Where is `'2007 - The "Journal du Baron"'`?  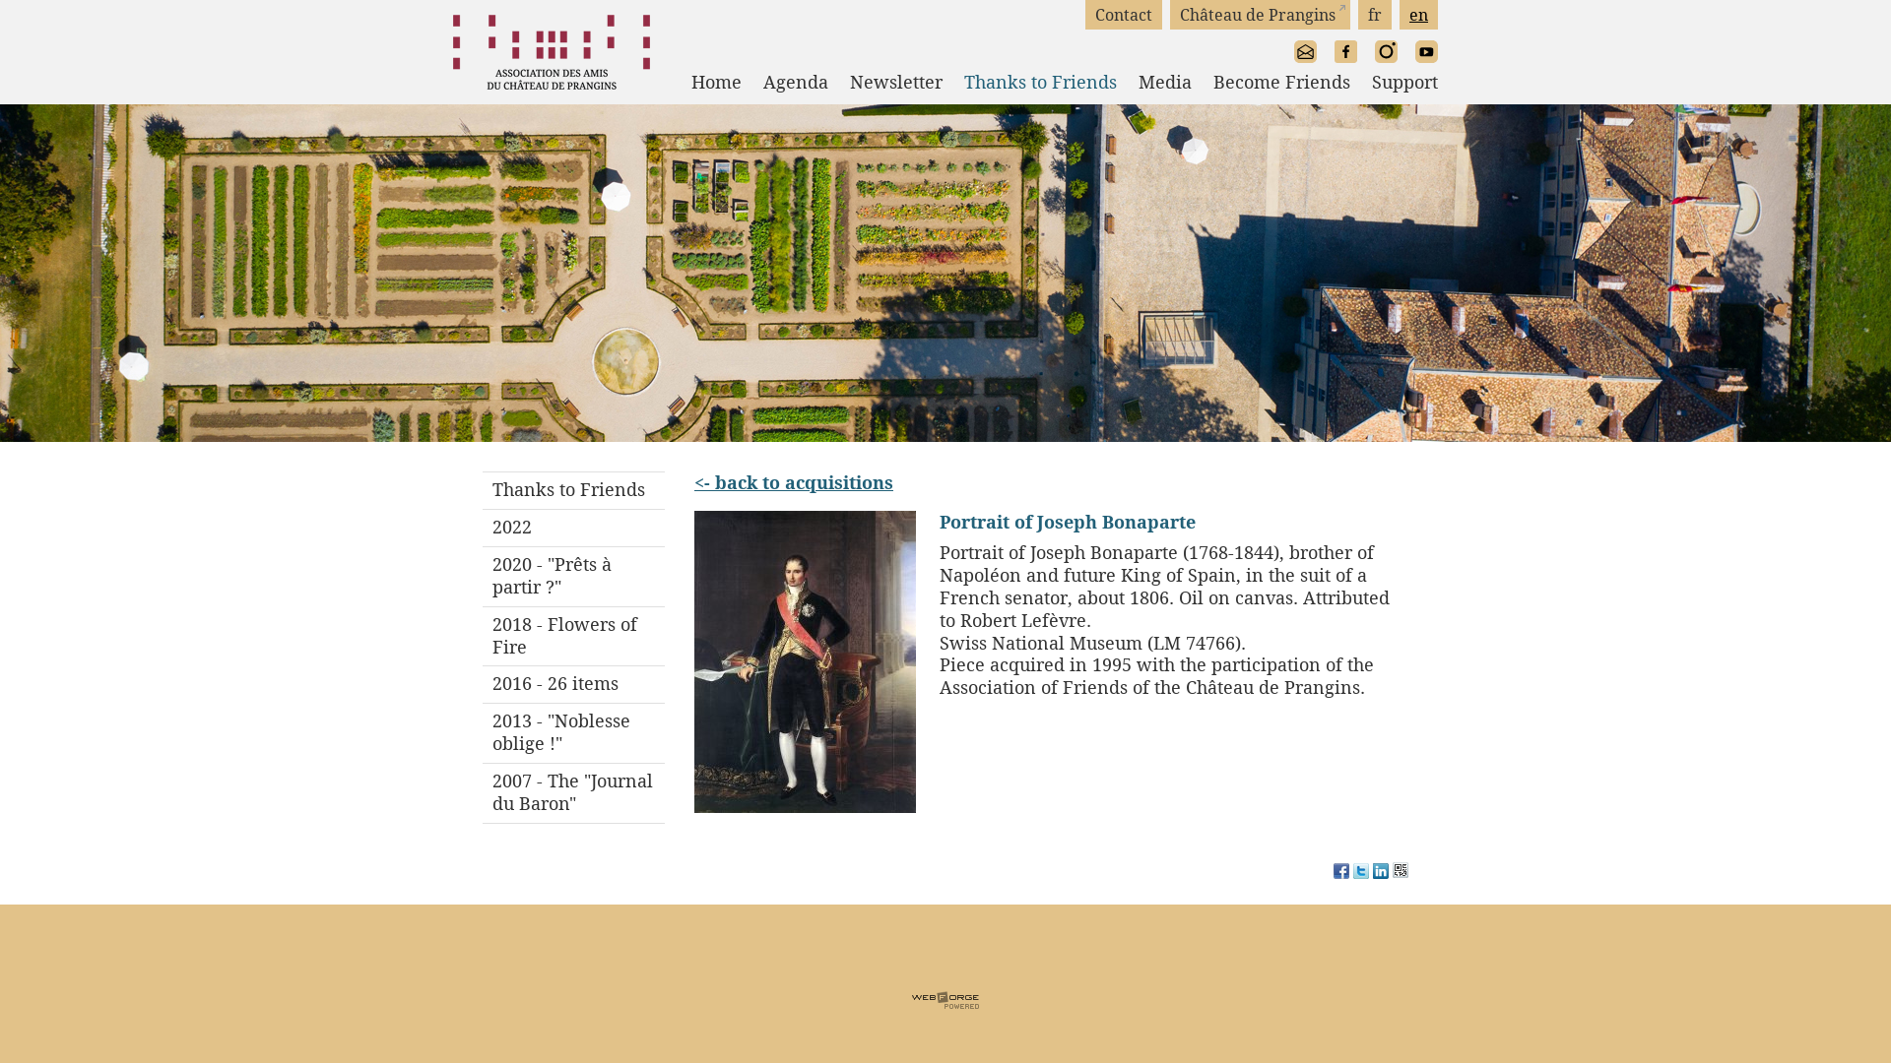
'2007 - The "Journal du Baron"' is located at coordinates (572, 791).